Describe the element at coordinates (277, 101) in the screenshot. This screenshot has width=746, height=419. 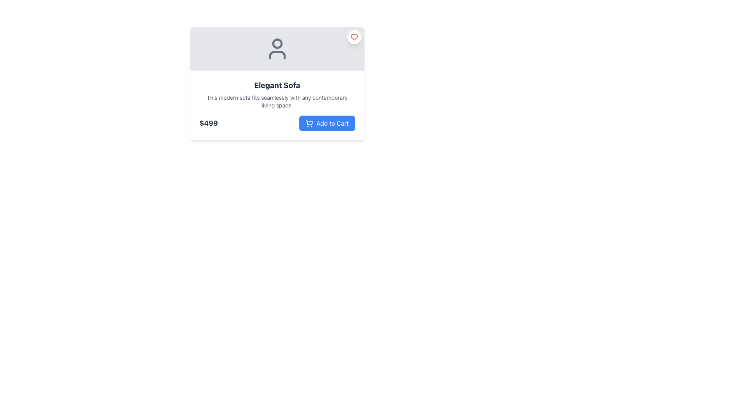
I see `the text element that provides additional information about the product, located directly below the 'Elegant Sofa' title and above the price '$499'` at that location.